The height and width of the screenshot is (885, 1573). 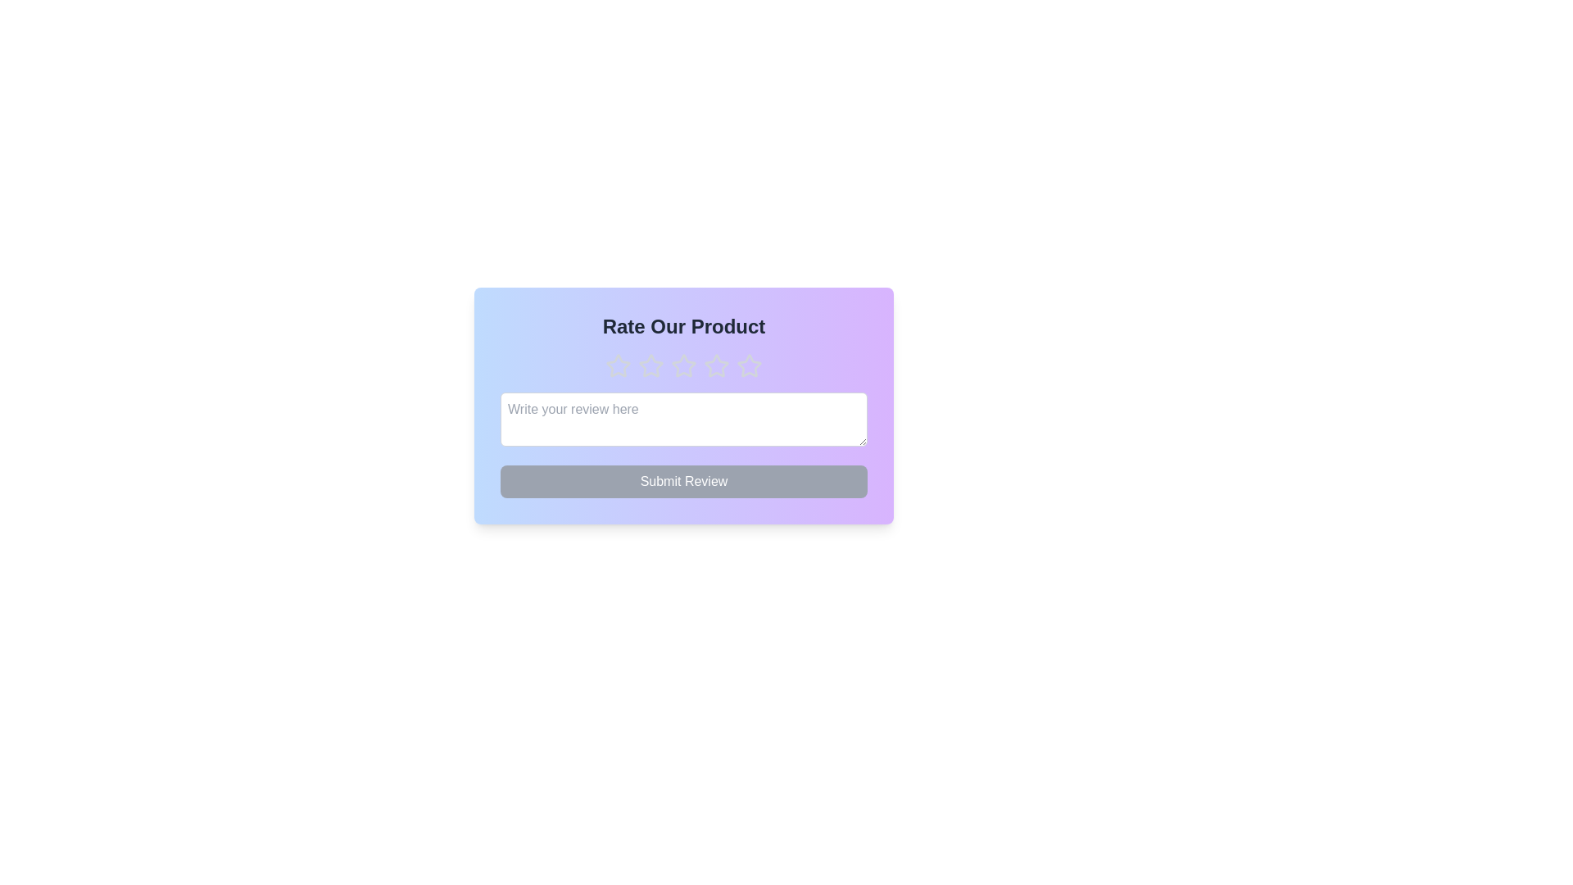 I want to click on the text area and type the review text, so click(x=684, y=419).